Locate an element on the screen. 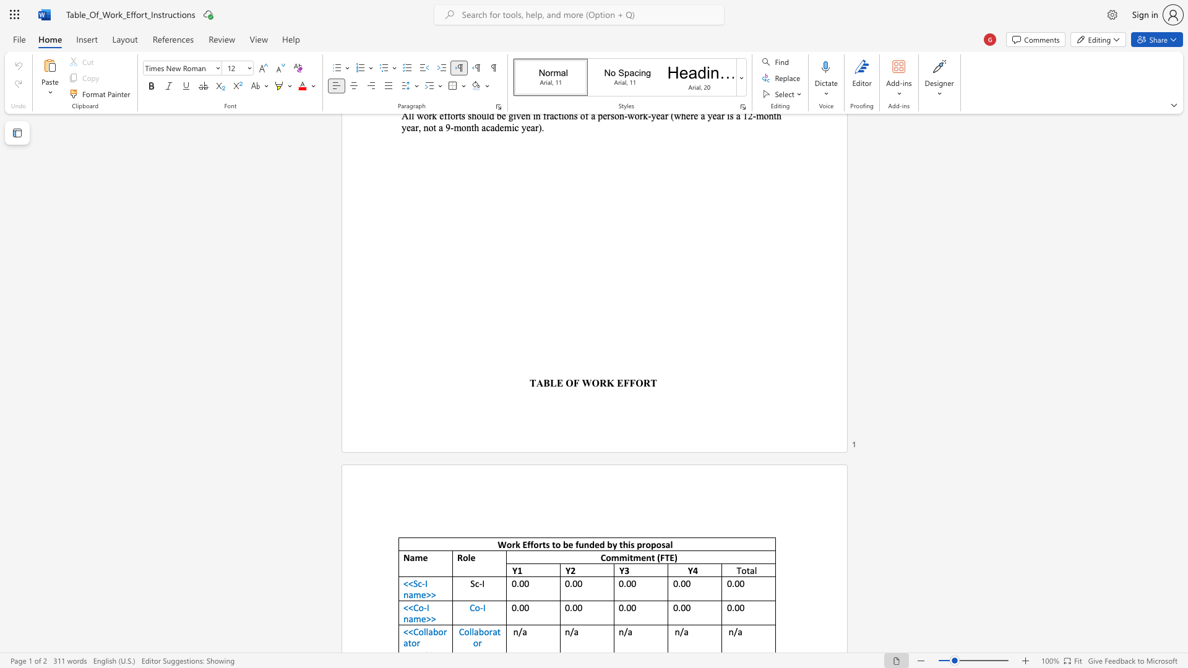 The width and height of the screenshot is (1188, 668). the space between the continuous character "r" and "t" in the text is located at coordinates (542, 544).